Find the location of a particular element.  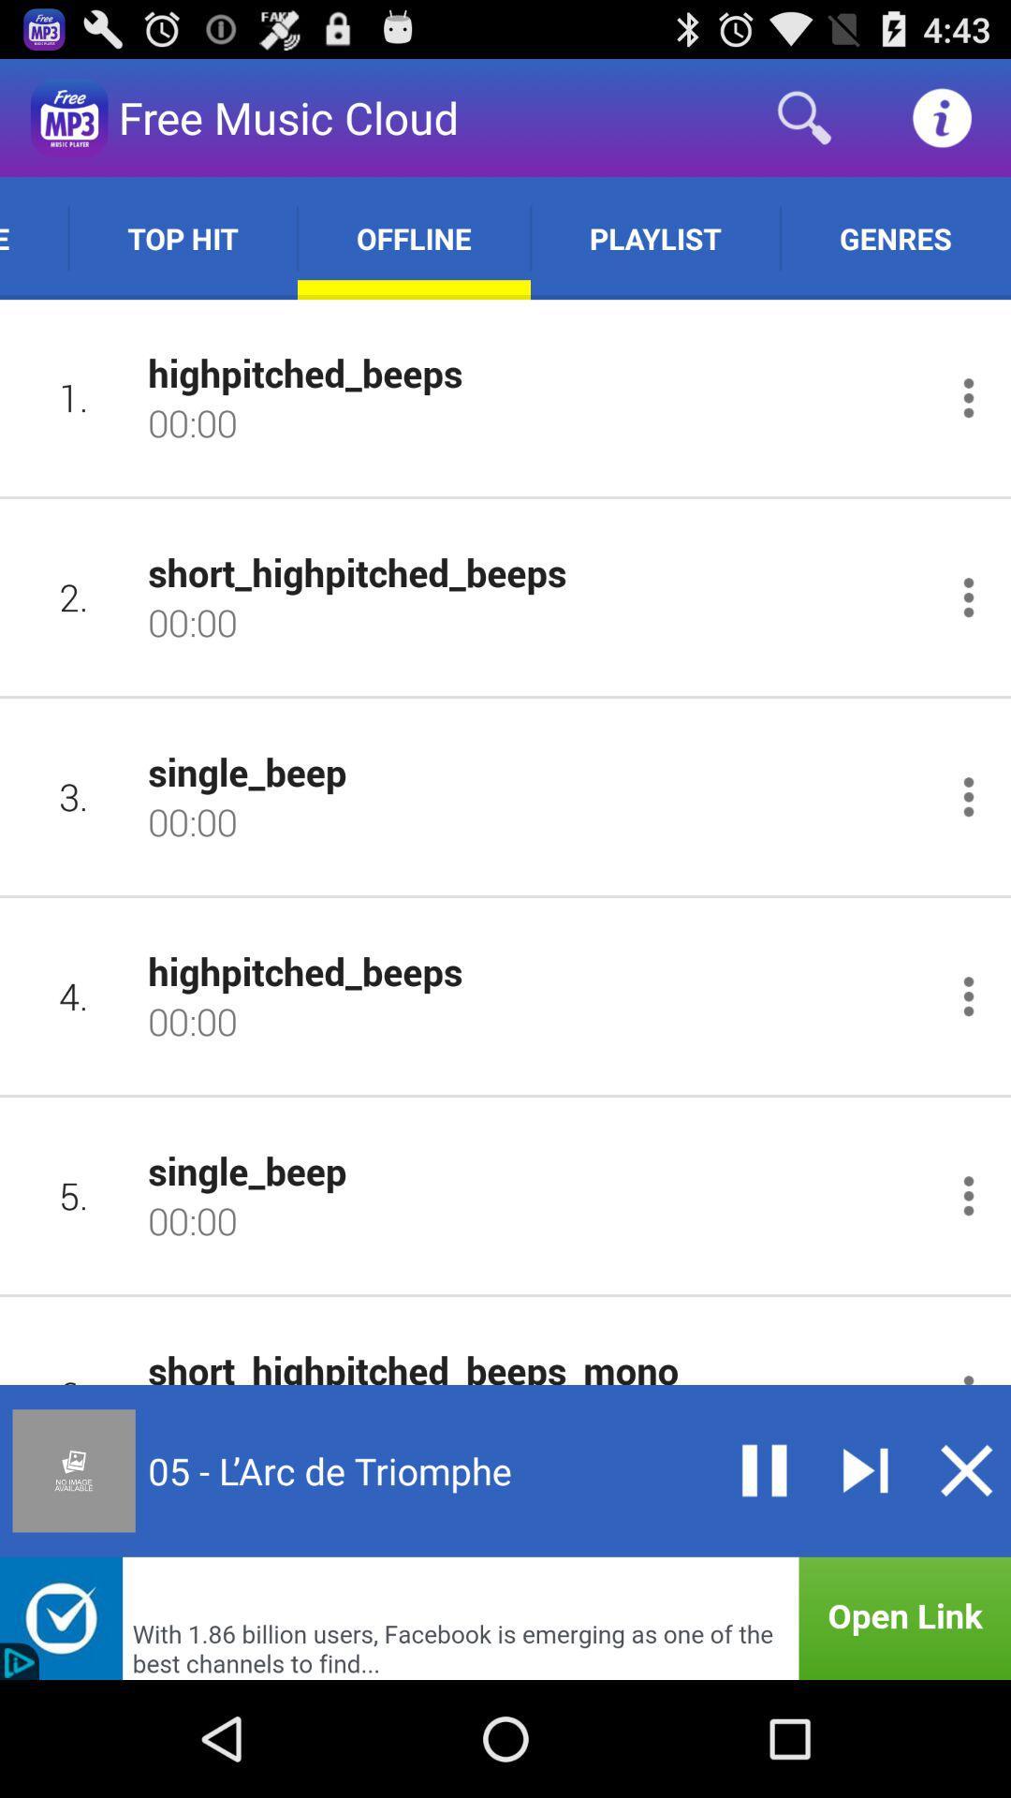

high pitched beeps options is located at coordinates (968, 995).